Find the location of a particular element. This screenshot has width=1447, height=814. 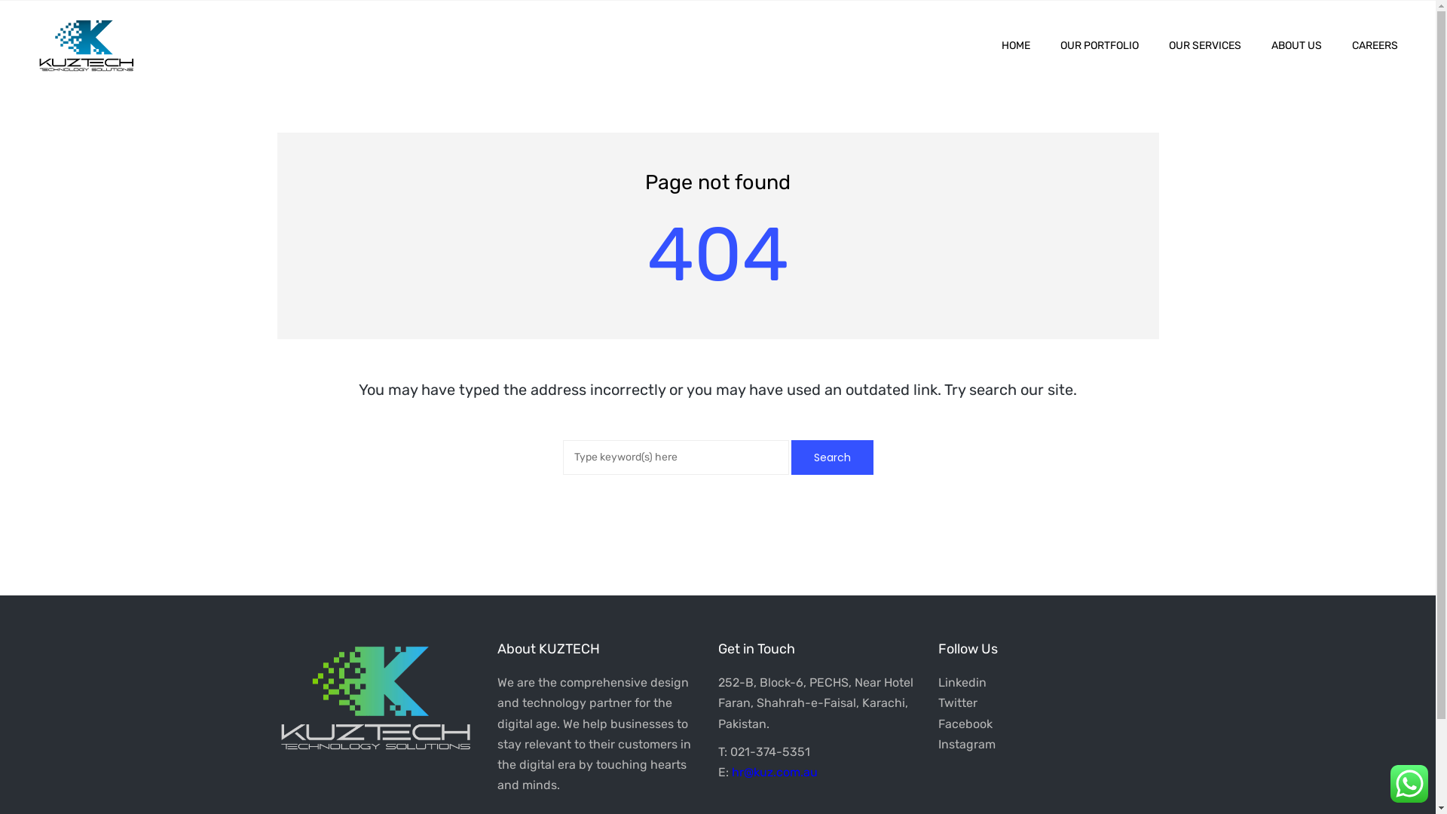

'Twitter' is located at coordinates (957, 702).